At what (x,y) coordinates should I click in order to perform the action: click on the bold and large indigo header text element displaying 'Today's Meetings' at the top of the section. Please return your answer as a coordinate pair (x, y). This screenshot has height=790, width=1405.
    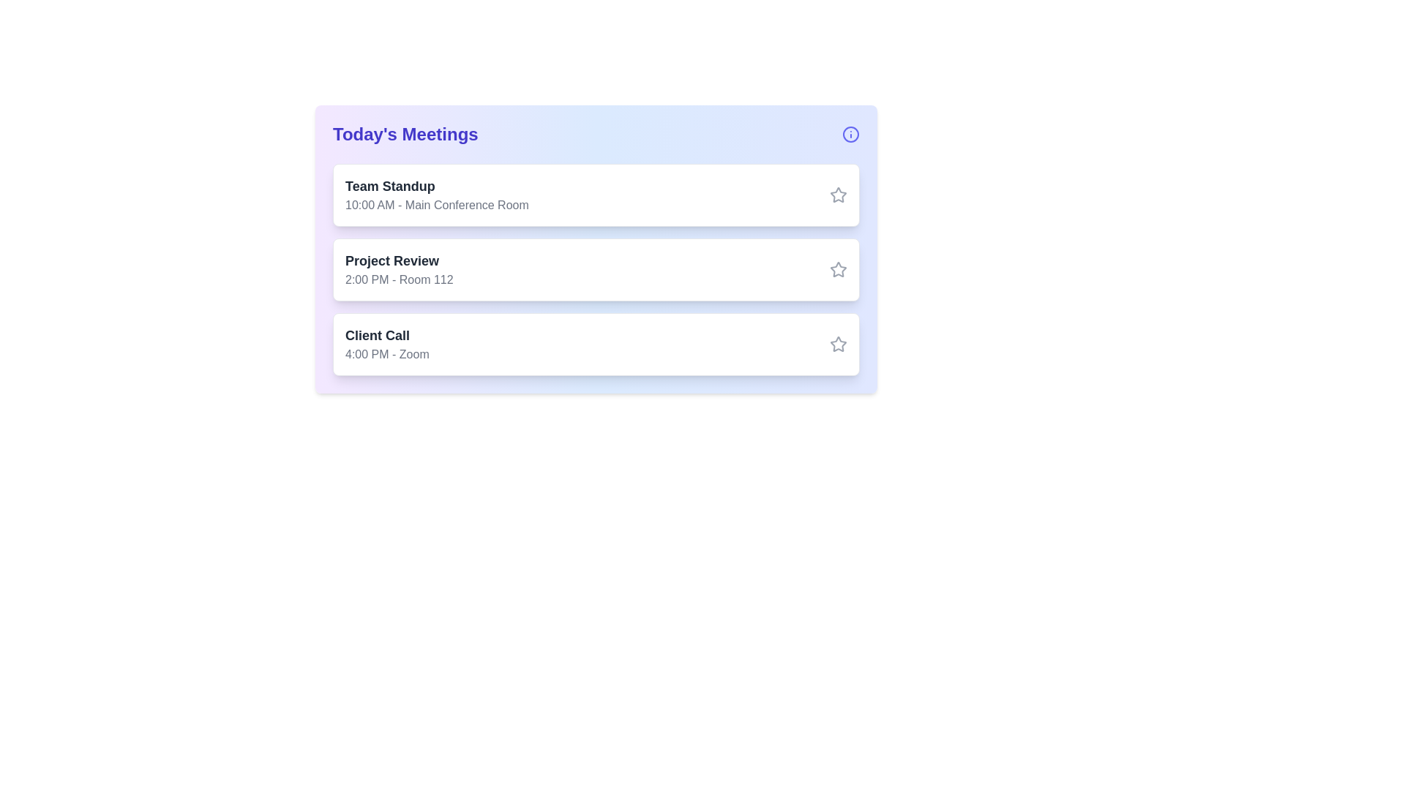
    Looking at the image, I should click on (405, 135).